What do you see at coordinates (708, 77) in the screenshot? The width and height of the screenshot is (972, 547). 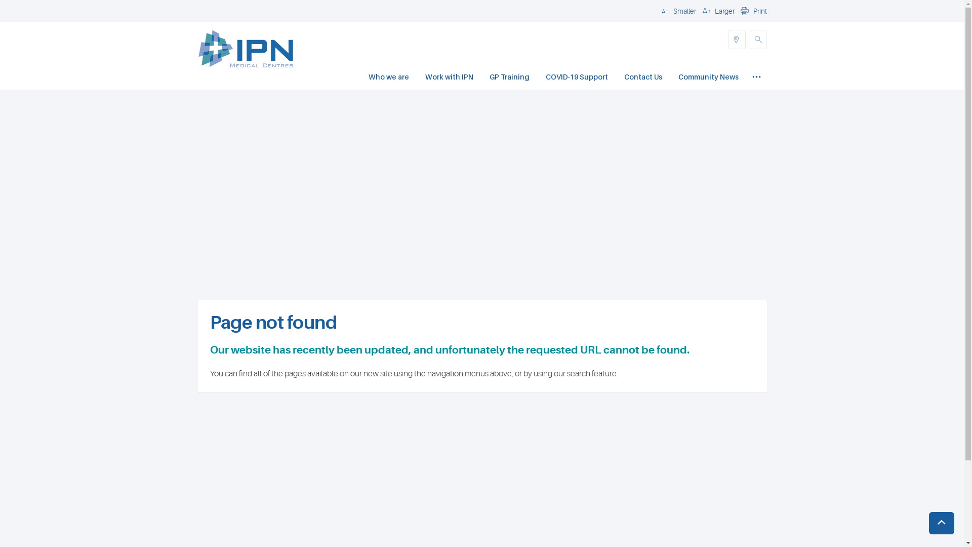 I see `'Community News'` at bounding box center [708, 77].